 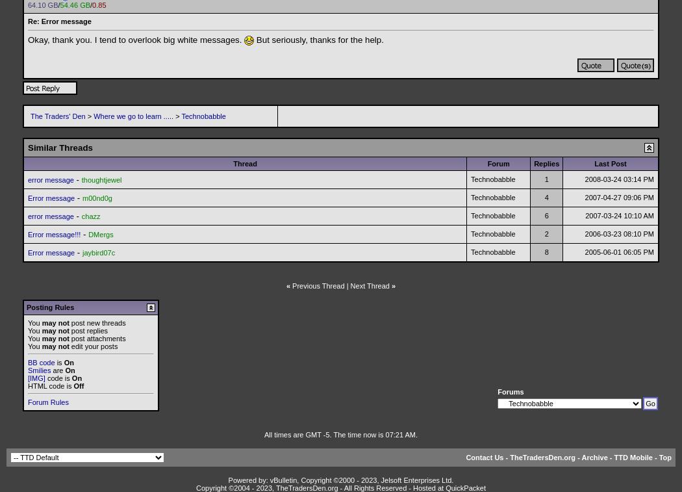 What do you see at coordinates (546, 197) in the screenshot?
I see `'4'` at bounding box center [546, 197].